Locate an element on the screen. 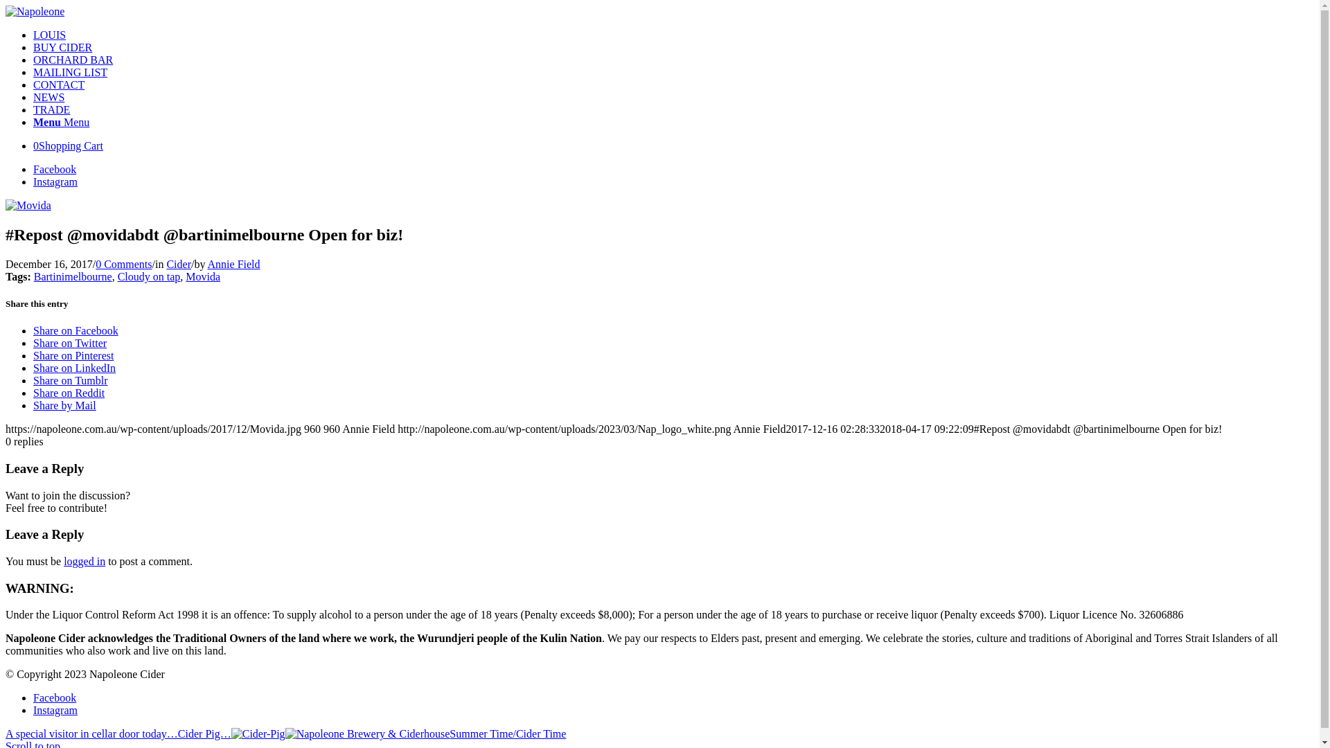 This screenshot has height=748, width=1330. 'Movida' is located at coordinates (28, 205).